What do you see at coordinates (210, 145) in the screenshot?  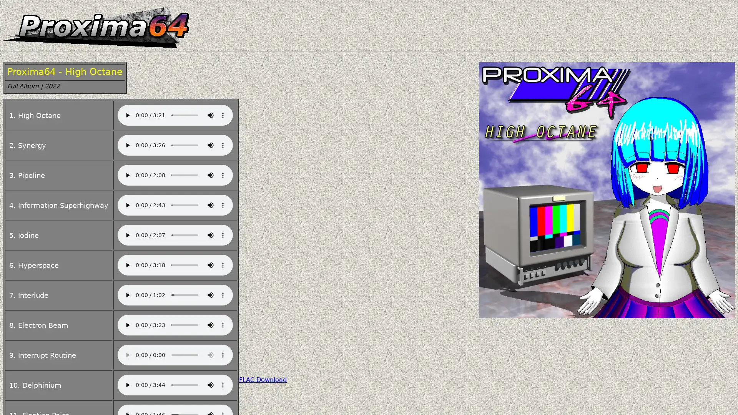 I see `mute` at bounding box center [210, 145].